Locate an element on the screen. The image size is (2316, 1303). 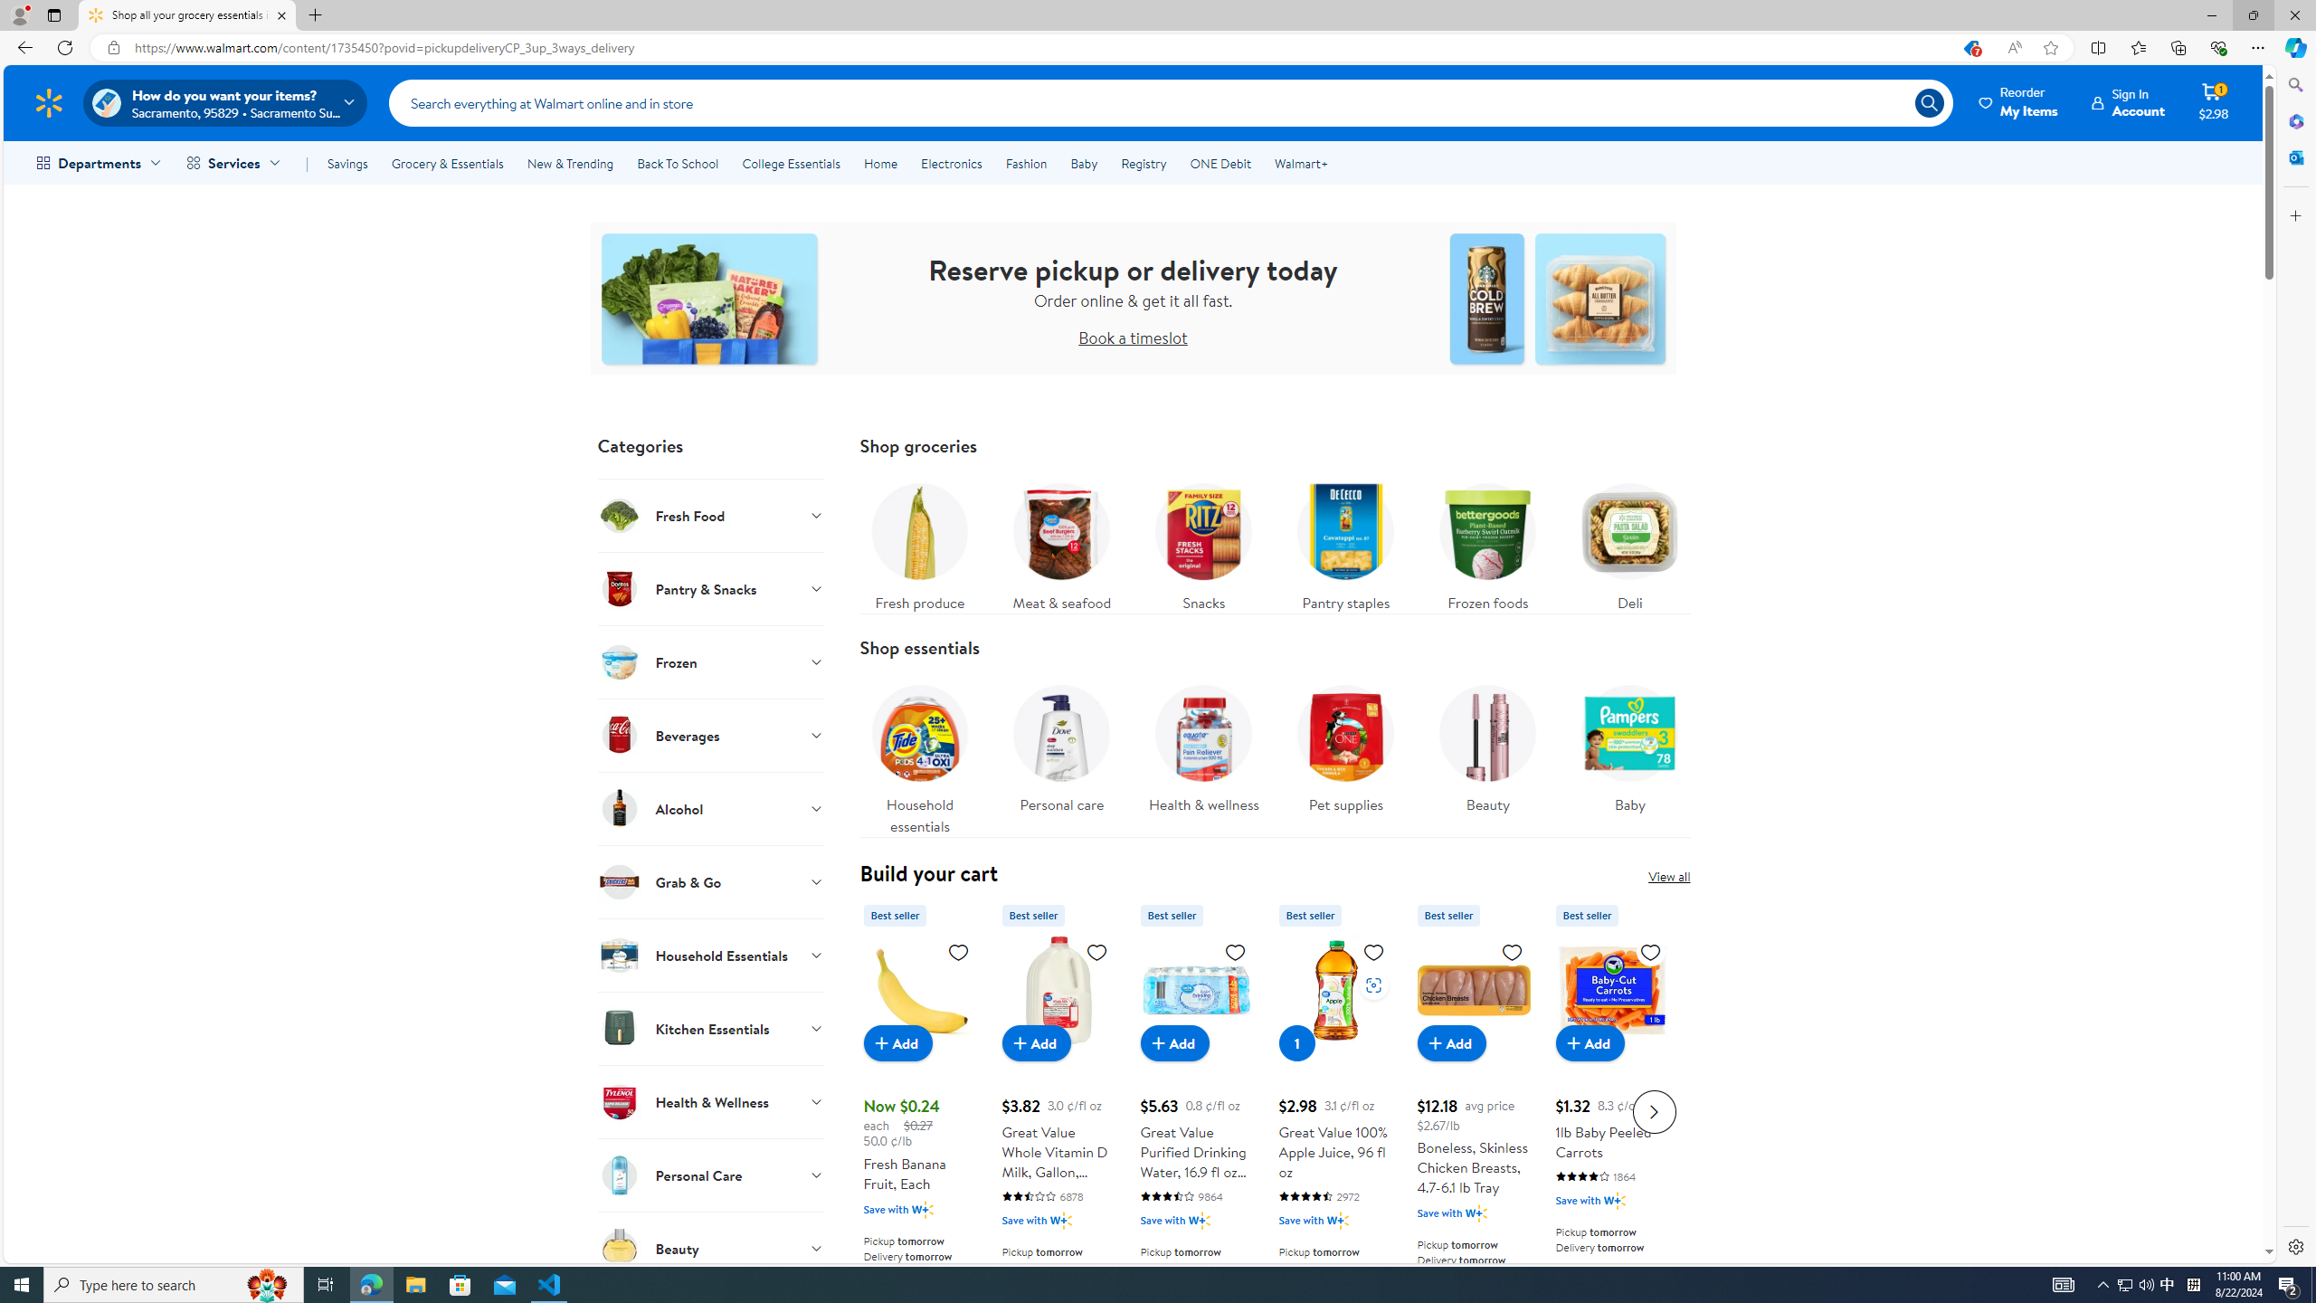
'Shop all your grocery essentials in one place! - Walmart.com' is located at coordinates (187, 14).